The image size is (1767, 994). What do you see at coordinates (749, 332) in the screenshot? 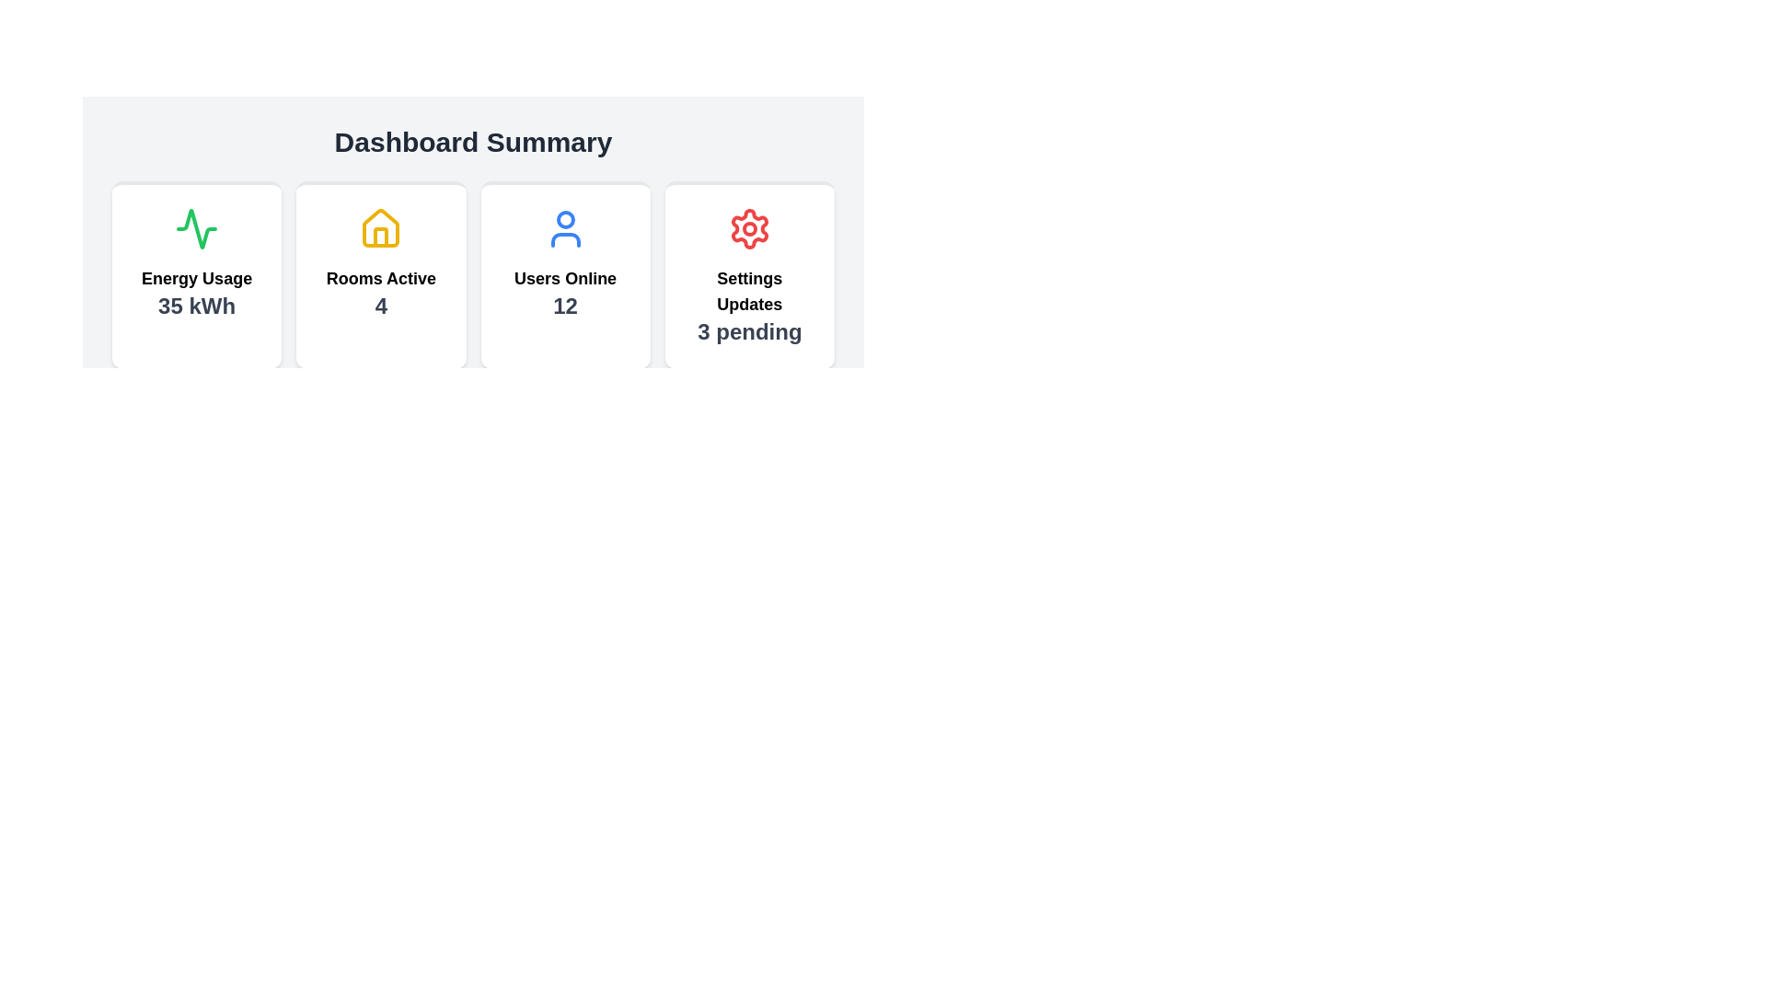
I see `text label displaying '3 pending' located within the 'Settings Updates' card to understand the pending updates count` at bounding box center [749, 332].